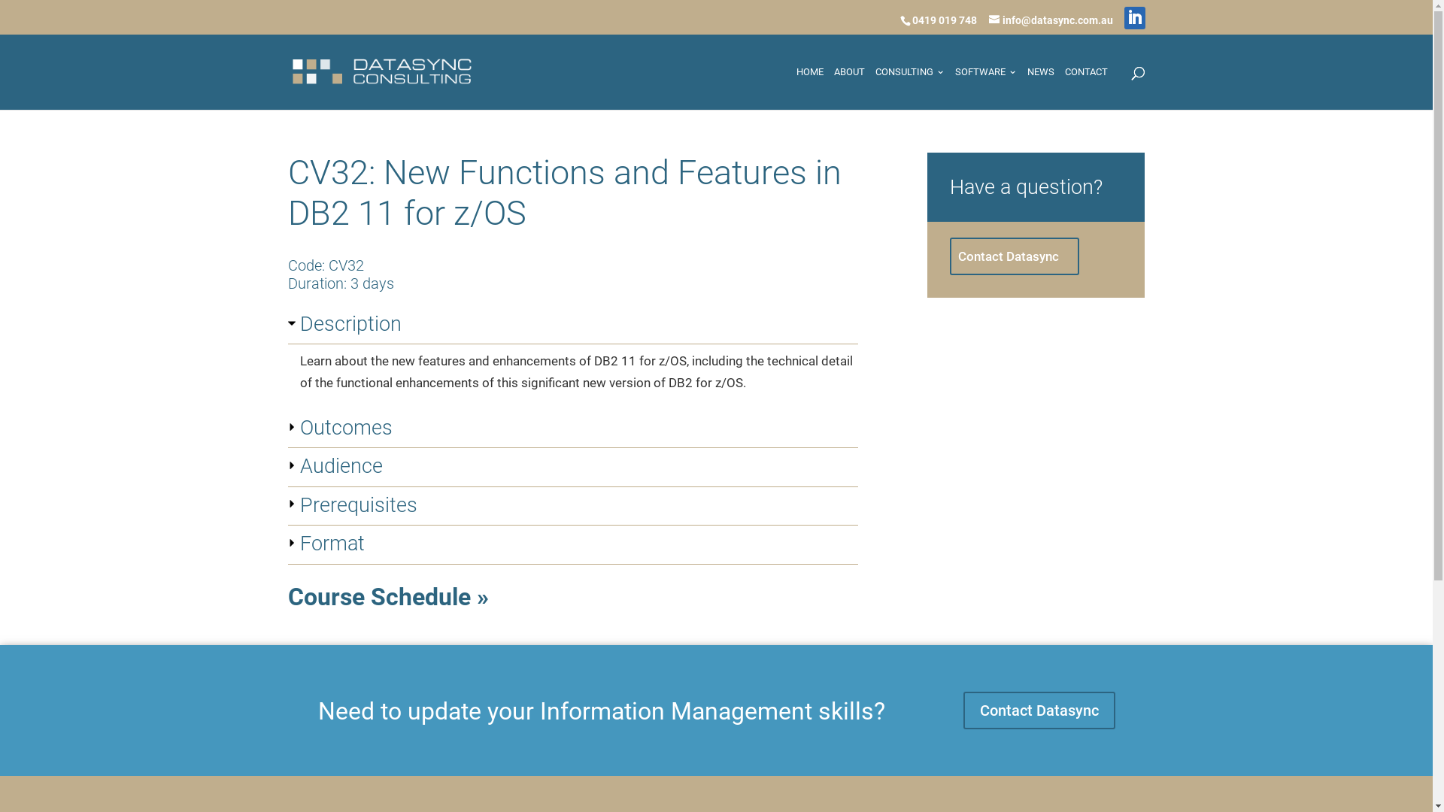  Describe the element at coordinates (909, 87) in the screenshot. I see `'CONSULTING'` at that location.